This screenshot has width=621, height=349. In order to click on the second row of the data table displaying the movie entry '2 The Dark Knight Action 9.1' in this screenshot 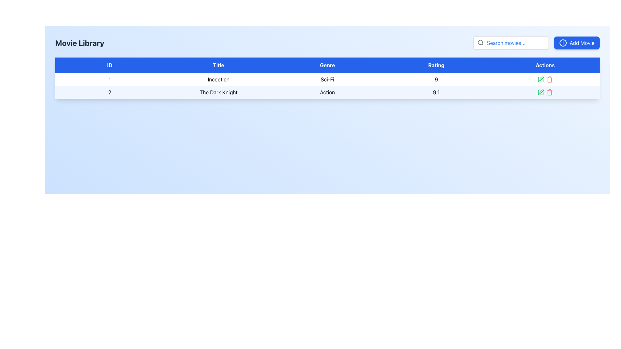, I will do `click(327, 92)`.